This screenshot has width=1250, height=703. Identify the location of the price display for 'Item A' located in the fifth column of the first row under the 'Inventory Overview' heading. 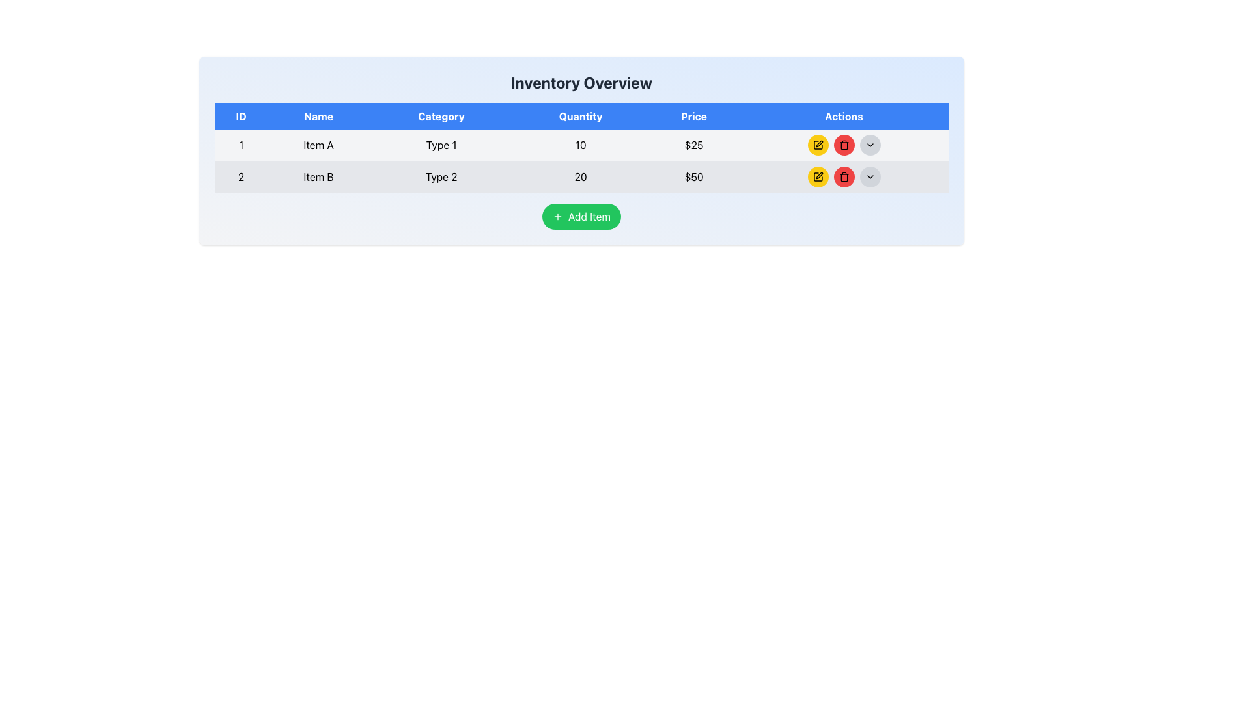
(693, 145).